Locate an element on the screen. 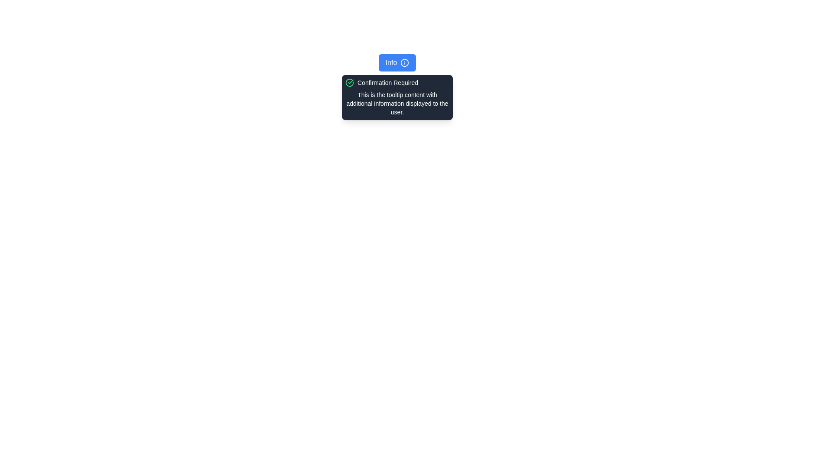  the tooltip with a dark gray background and white text, which contains a checkmark icon and the text 'Confirmation Required' is located at coordinates (396, 97).